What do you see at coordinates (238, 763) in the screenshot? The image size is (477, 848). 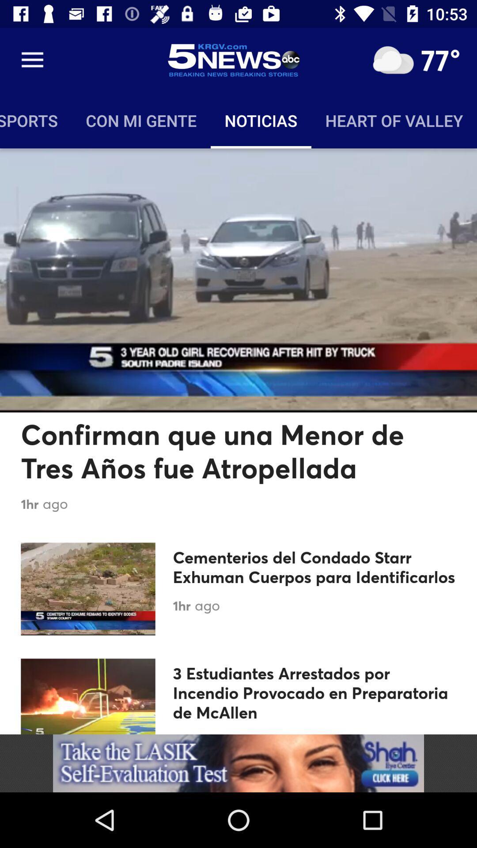 I see `lasik advertisement link` at bounding box center [238, 763].